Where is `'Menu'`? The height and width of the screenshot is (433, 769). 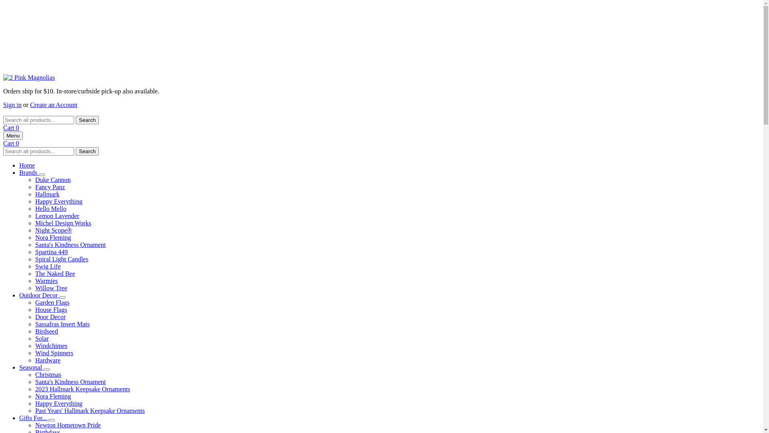 'Menu' is located at coordinates (13, 135).